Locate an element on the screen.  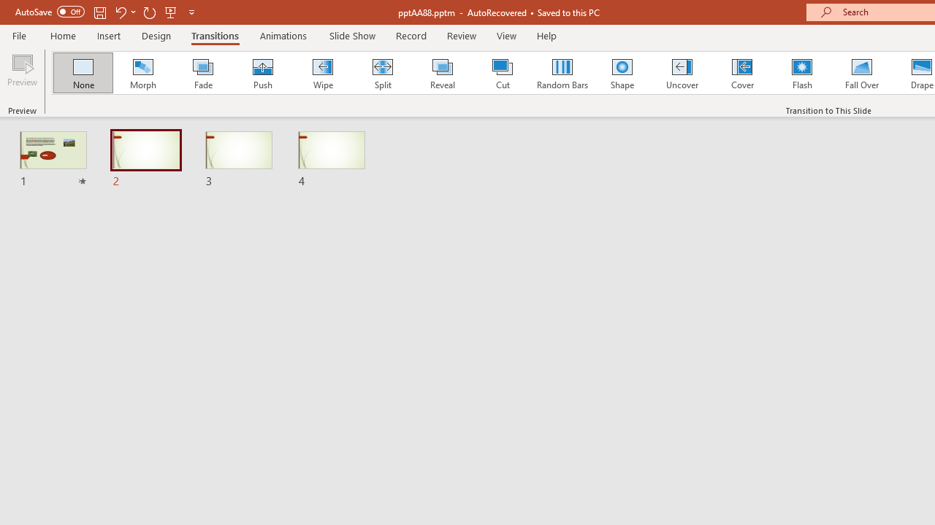
'Cover' is located at coordinates (742, 73).